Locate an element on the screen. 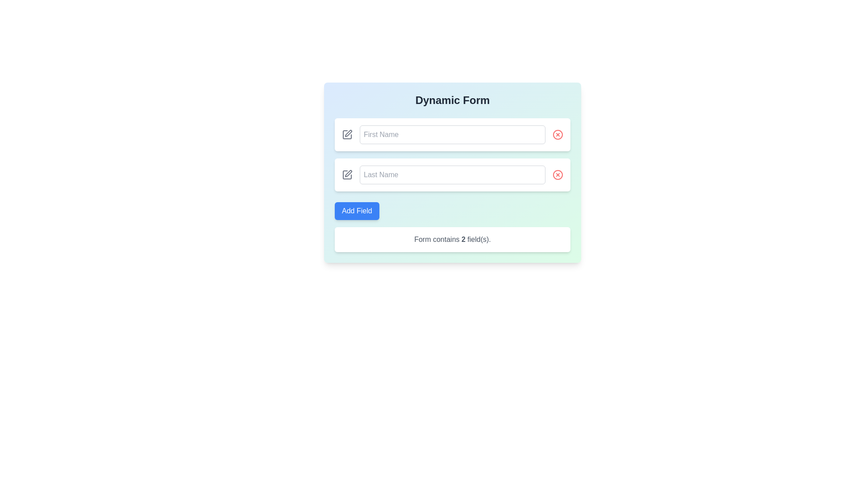  the blue 'Add Field' button located below the input fields for 'First Name' and 'Last Name' is located at coordinates (356, 211).